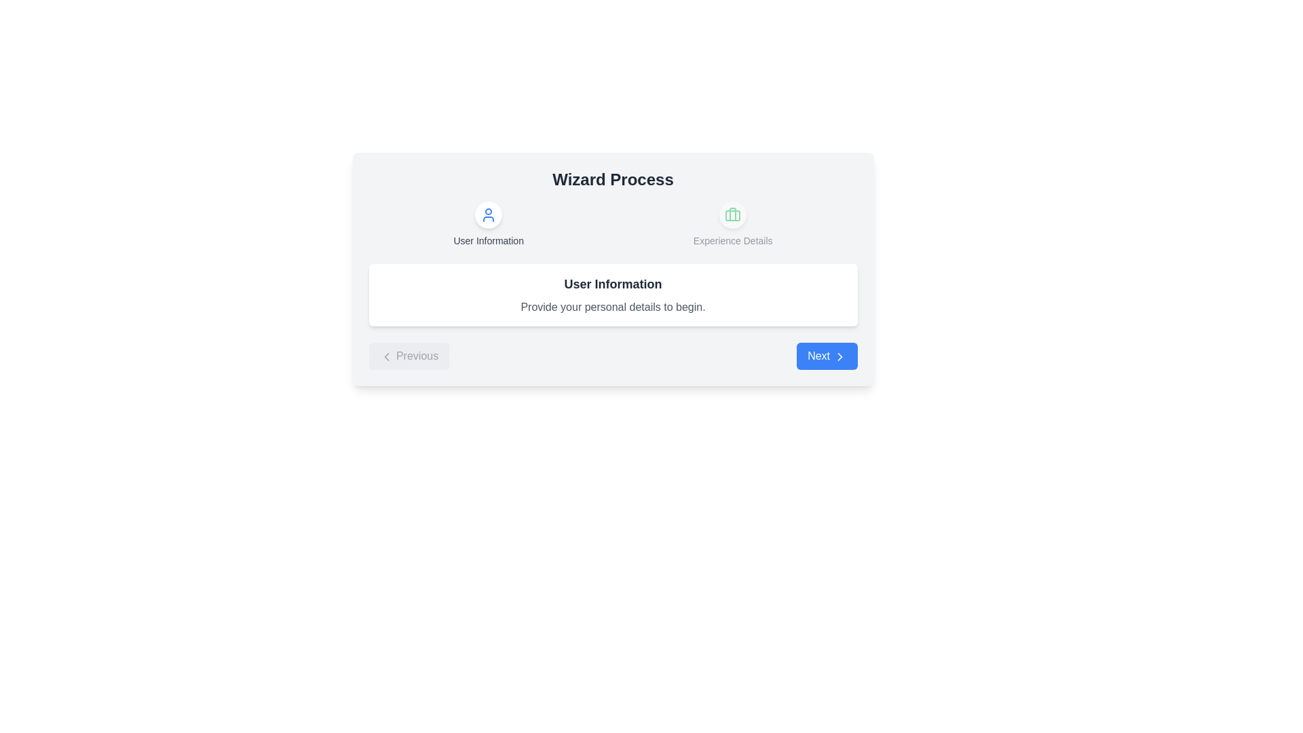 The image size is (1303, 733). Describe the element at coordinates (839, 356) in the screenshot. I see `the rightward-pointing chevron icon within the 'Next' button, which is a blue rectangular button with rounded corners located at the bottom-right corner of a card interface` at that location.